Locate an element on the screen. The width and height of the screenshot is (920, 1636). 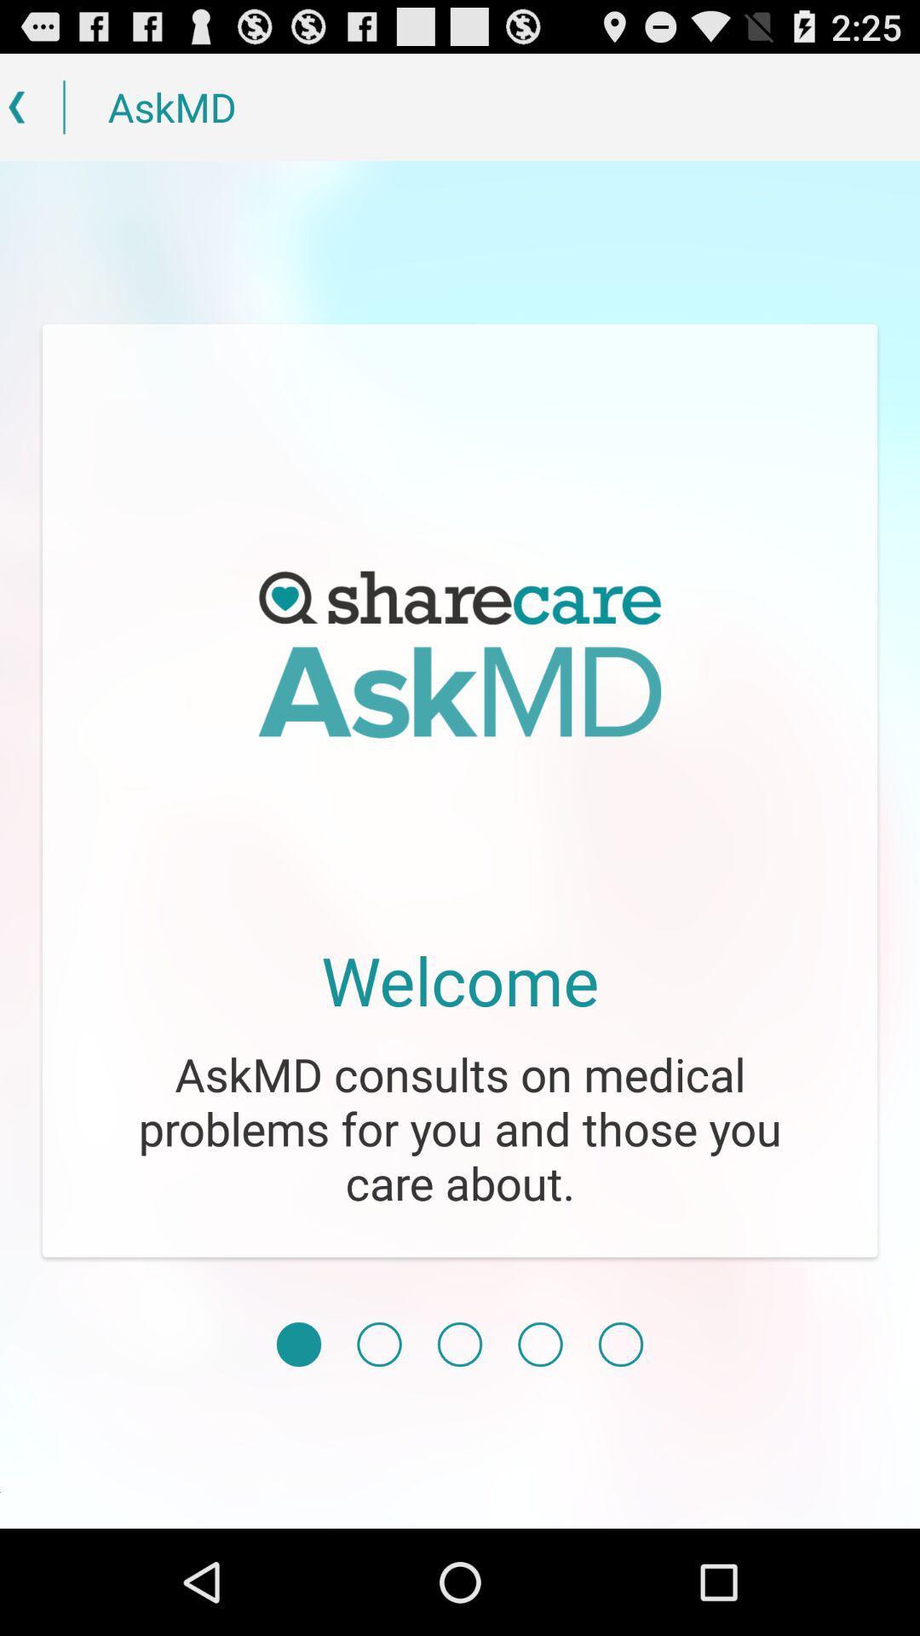
the next page is located at coordinates (378, 1344).